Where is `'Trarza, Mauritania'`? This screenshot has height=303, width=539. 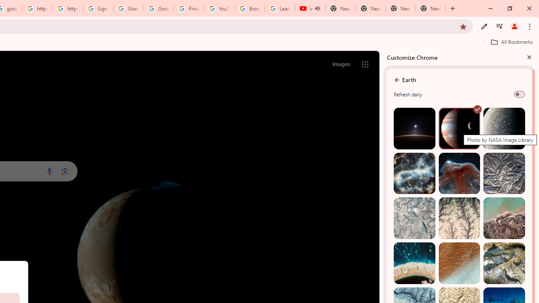
'Trarza, Mauritania' is located at coordinates (459, 263).